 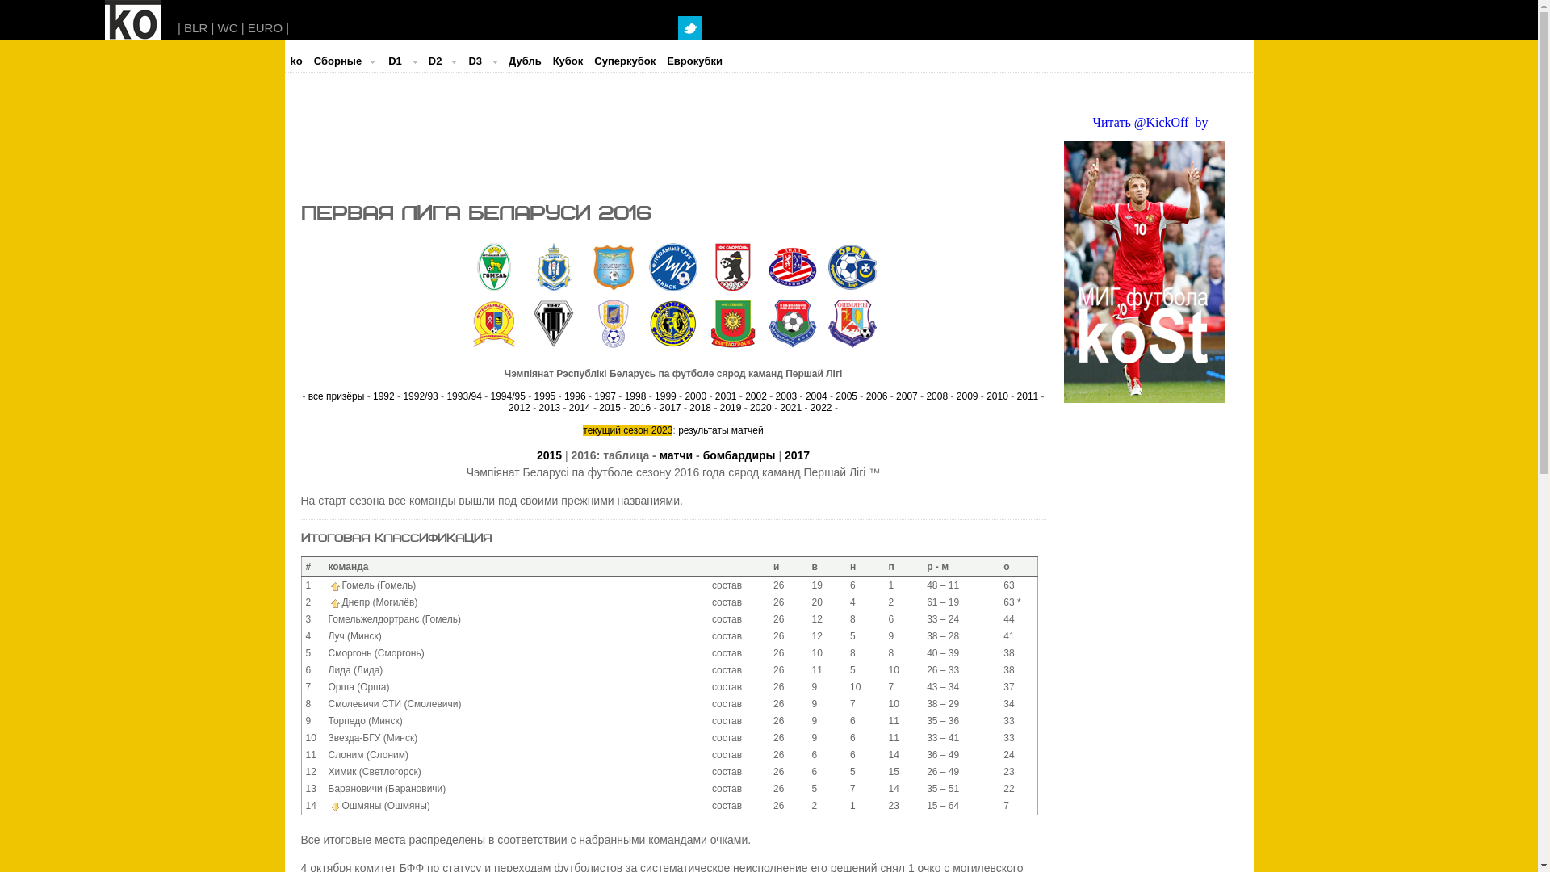 What do you see at coordinates (836, 396) in the screenshot?
I see `'2005'` at bounding box center [836, 396].